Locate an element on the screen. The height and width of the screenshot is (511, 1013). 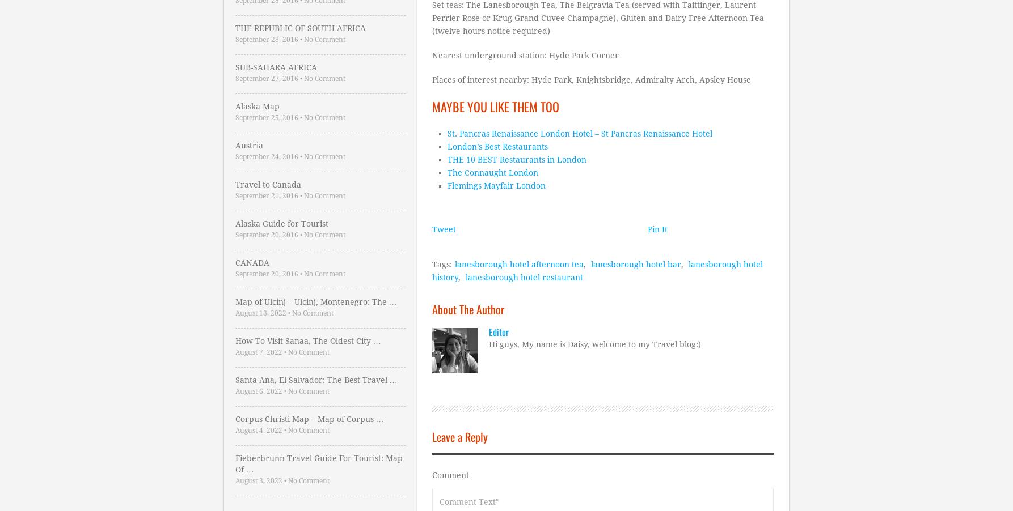
'September 28, 2016' is located at coordinates (265, 39).